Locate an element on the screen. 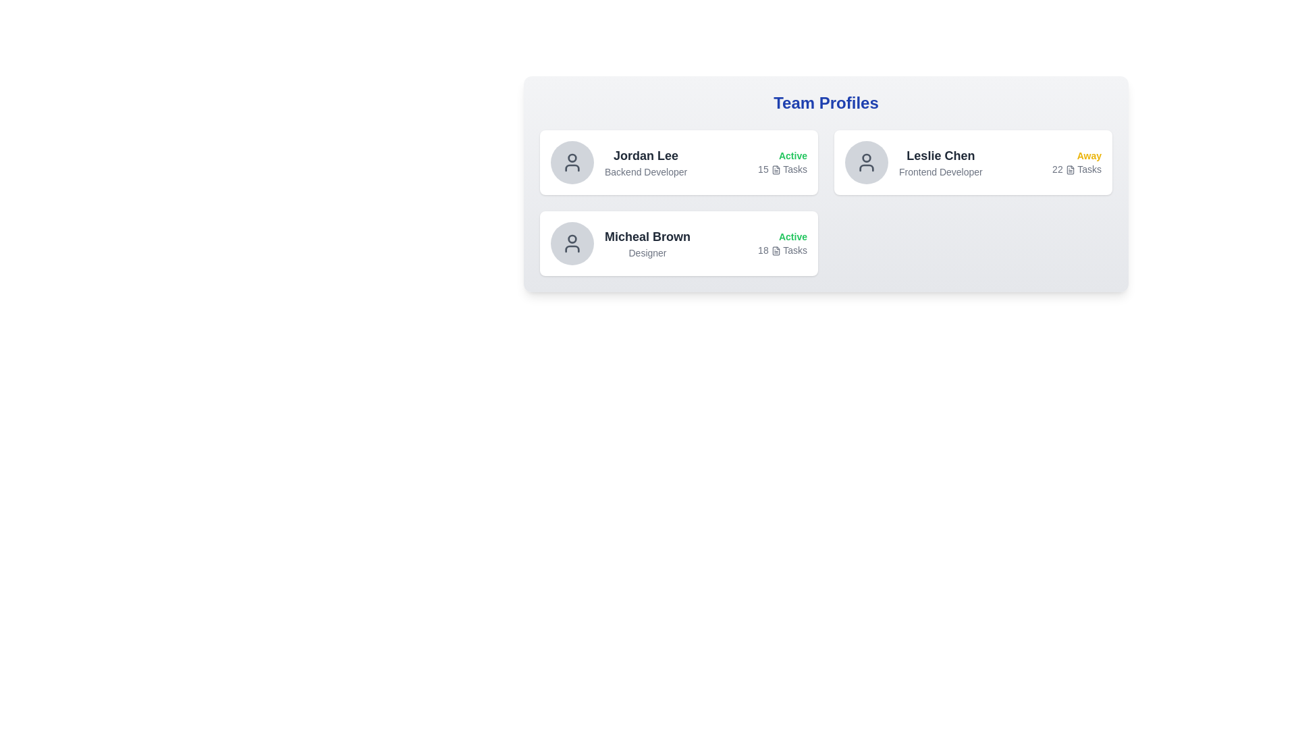 Image resolution: width=1296 pixels, height=729 pixels. the text display showing the name and occupation of the third team member in the 'Team Profiles' section, located to the right of the avatar icon is located at coordinates (940, 161).